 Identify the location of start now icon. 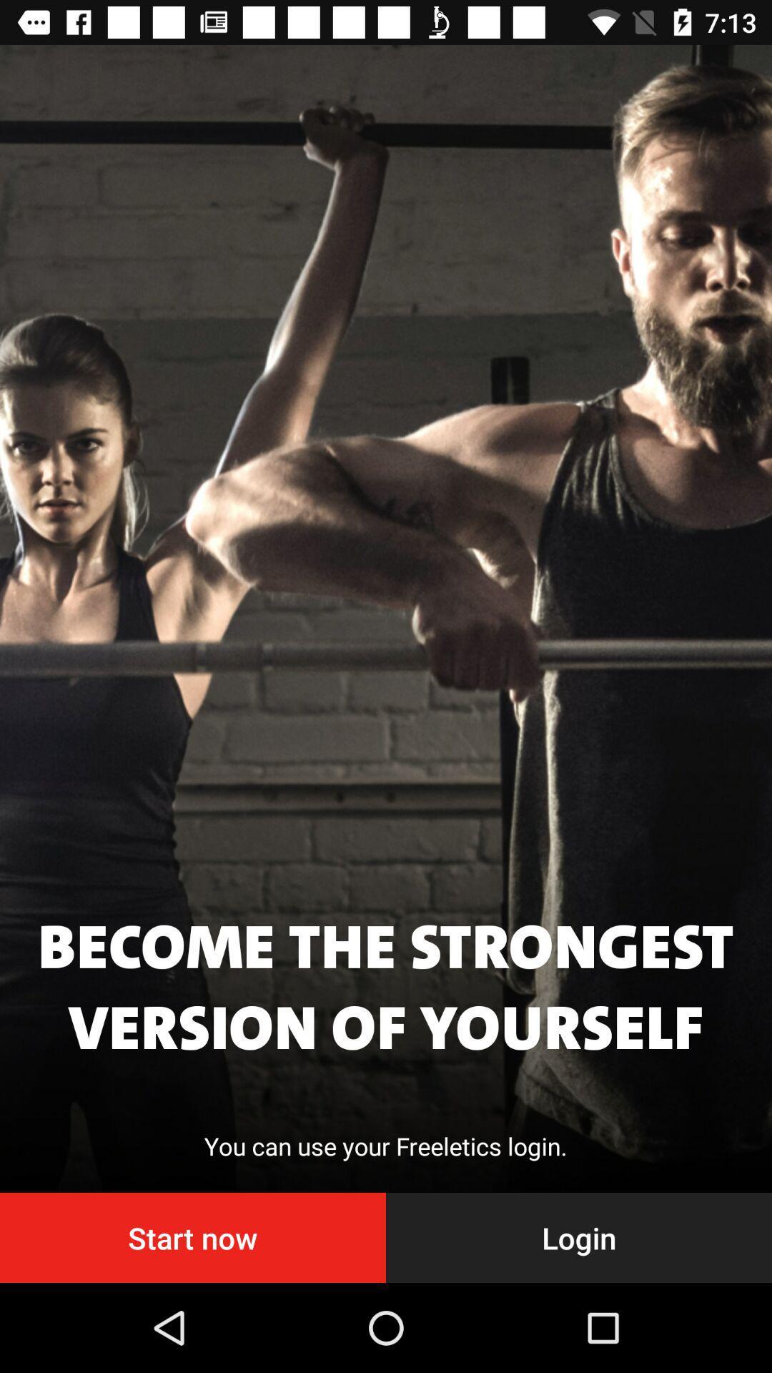
(193, 1237).